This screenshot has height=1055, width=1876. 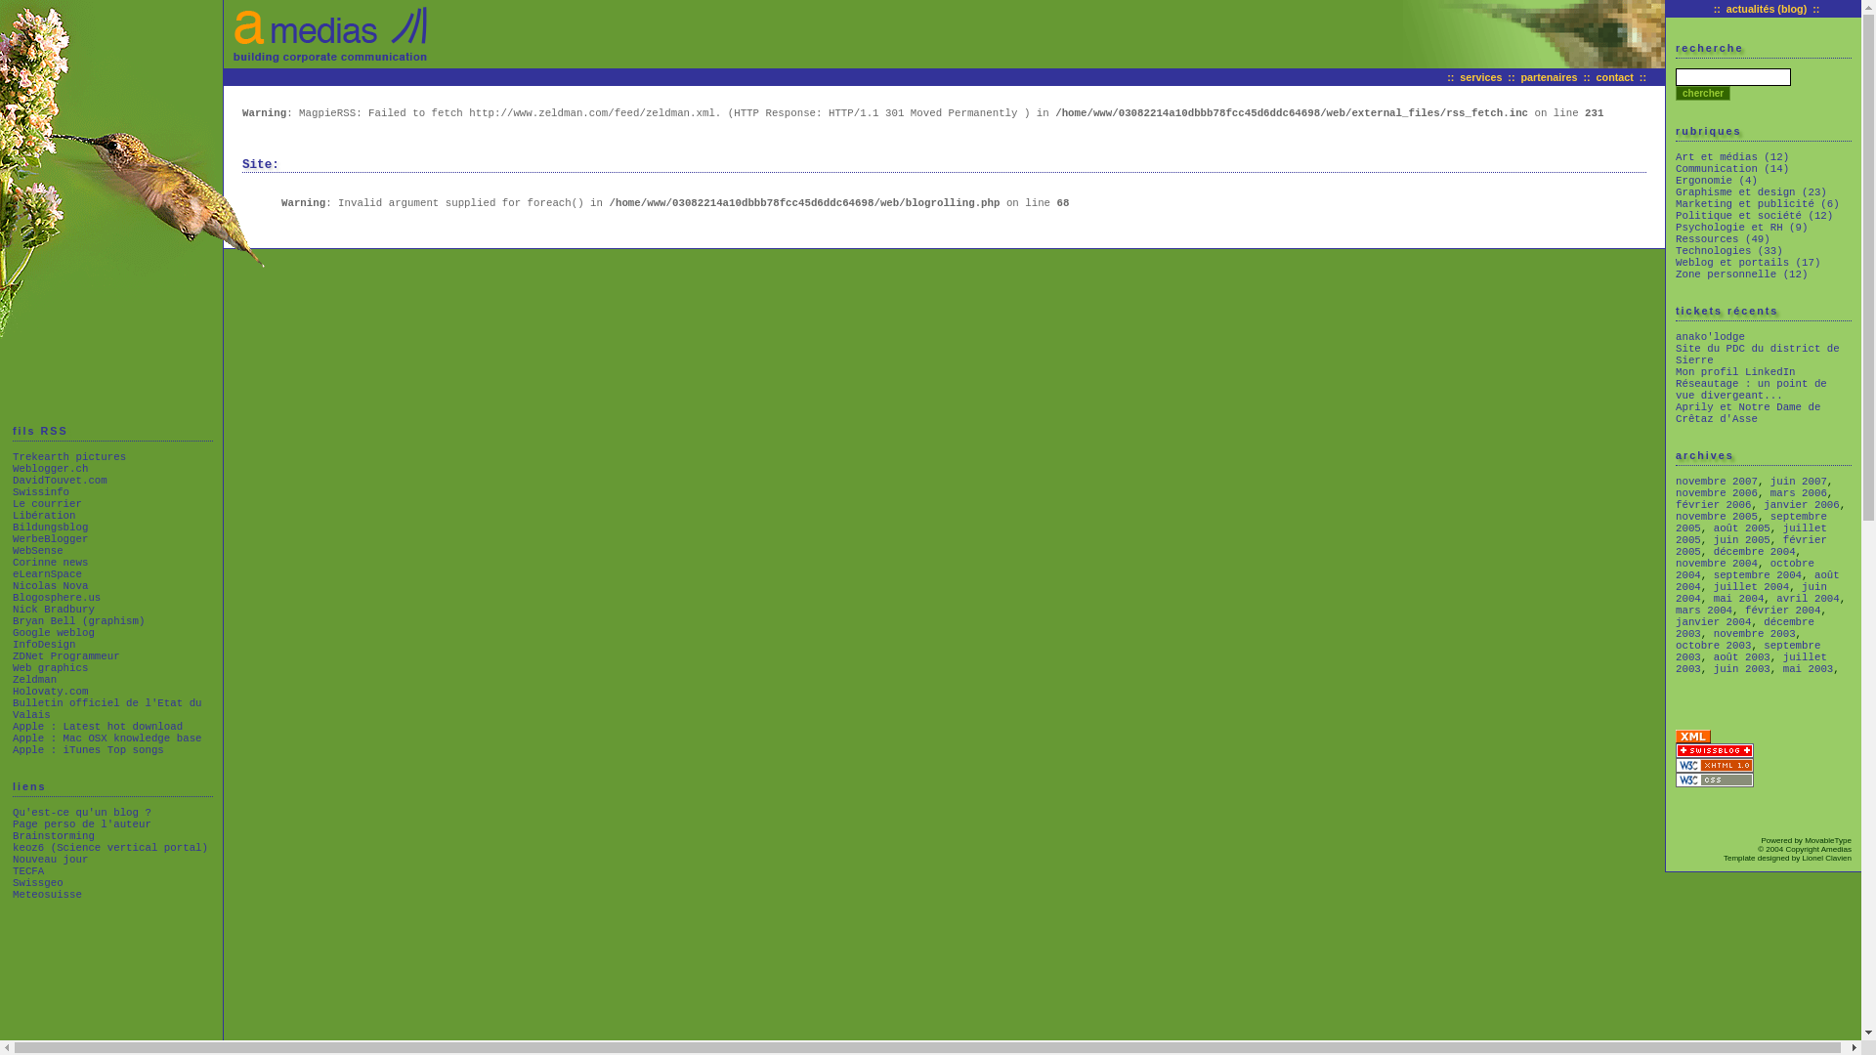 I want to click on 'services', so click(x=1480, y=75).